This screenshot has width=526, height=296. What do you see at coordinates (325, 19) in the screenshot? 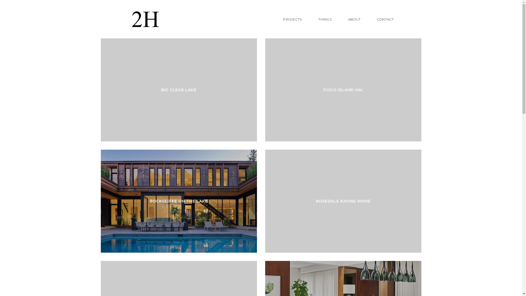
I see `'THINGS'` at bounding box center [325, 19].